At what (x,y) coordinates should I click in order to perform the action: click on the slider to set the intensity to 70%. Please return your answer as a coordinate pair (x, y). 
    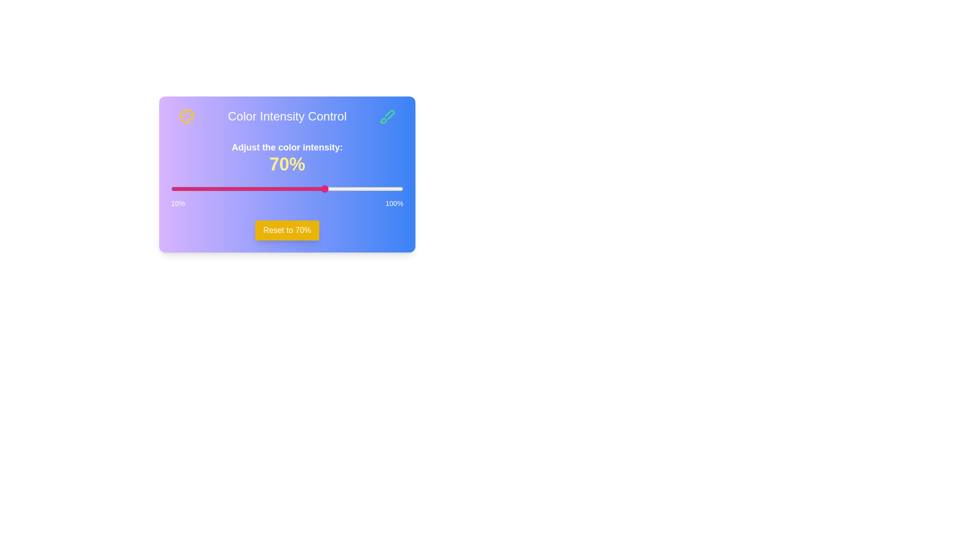
    Looking at the image, I should click on (326, 189).